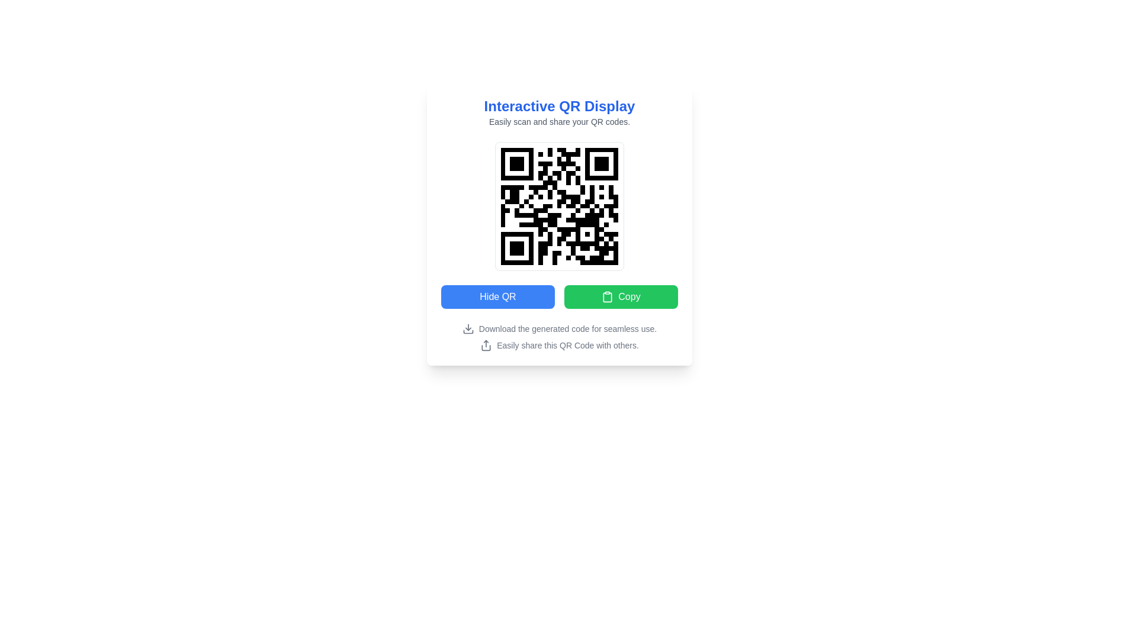 This screenshot has height=639, width=1137. Describe the element at coordinates (559, 121) in the screenshot. I see `the text label reading 'Easily scan and share your QR codes.', which is located directly below the larger text 'Interactive QR Display' in the centered card layout` at that location.